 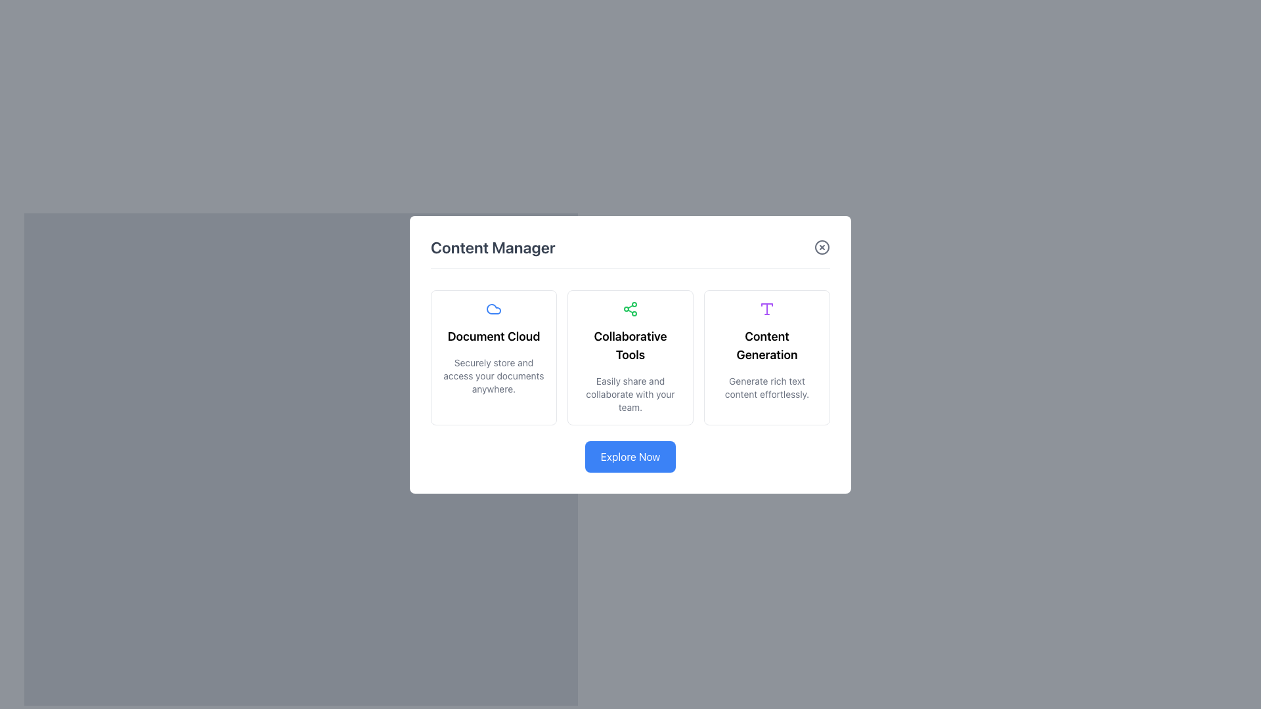 I want to click on descriptive text located at the bottom-center of the 'Content Generation' section, directly beneath the 'Content Generation' title heading, so click(x=766, y=387).